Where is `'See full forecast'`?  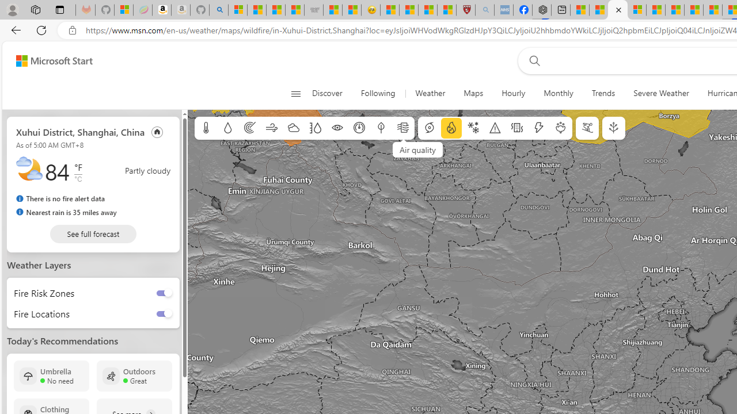 'See full forecast' is located at coordinates (93, 233).